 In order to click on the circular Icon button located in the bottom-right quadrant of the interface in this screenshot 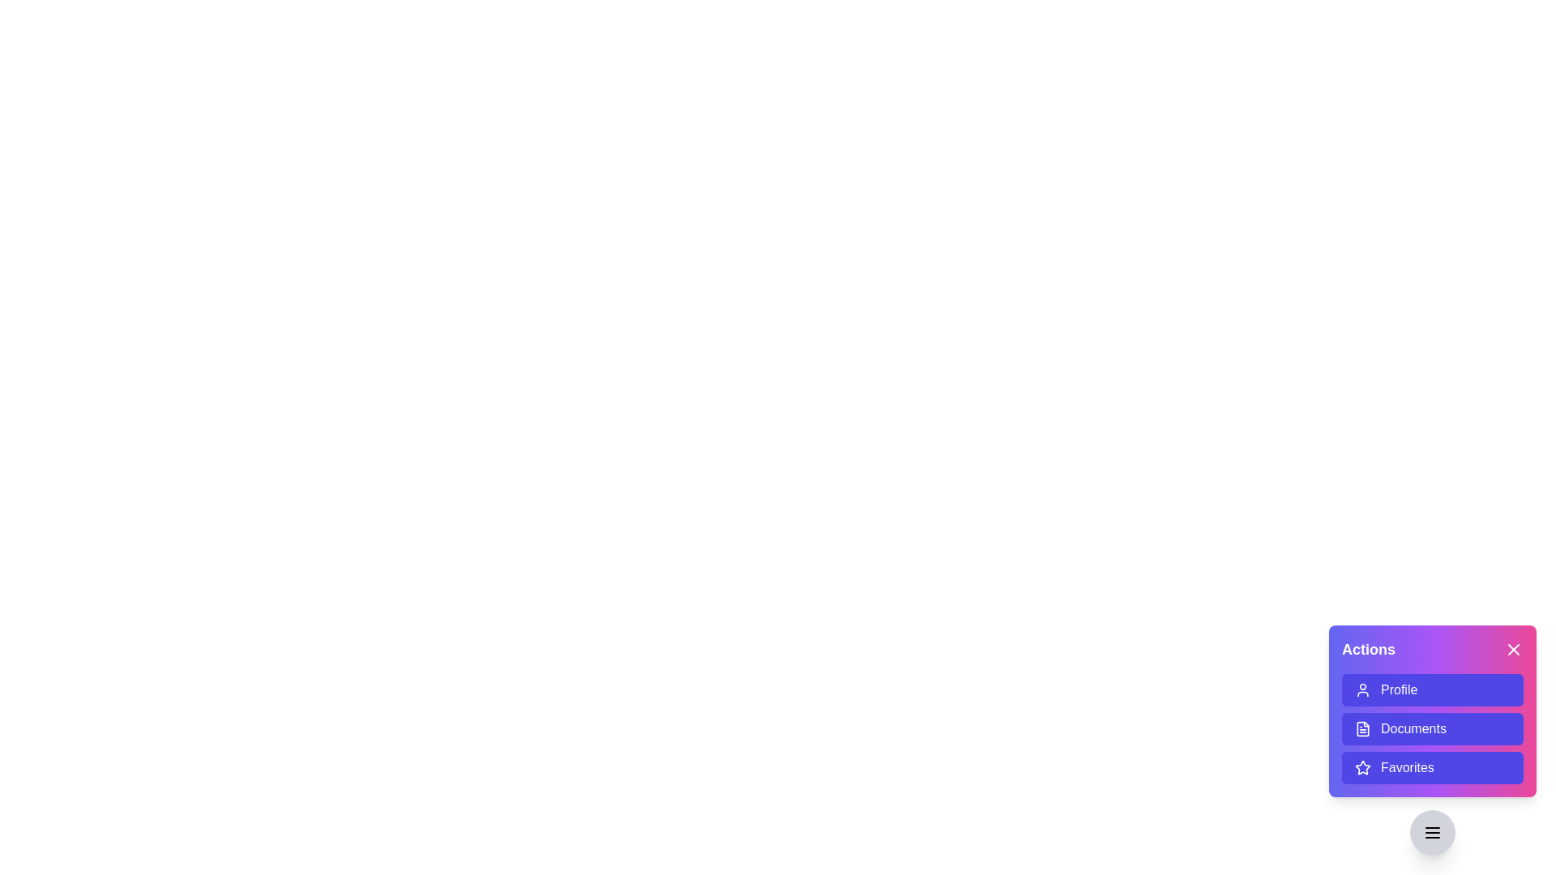, I will do `click(1432, 833)`.